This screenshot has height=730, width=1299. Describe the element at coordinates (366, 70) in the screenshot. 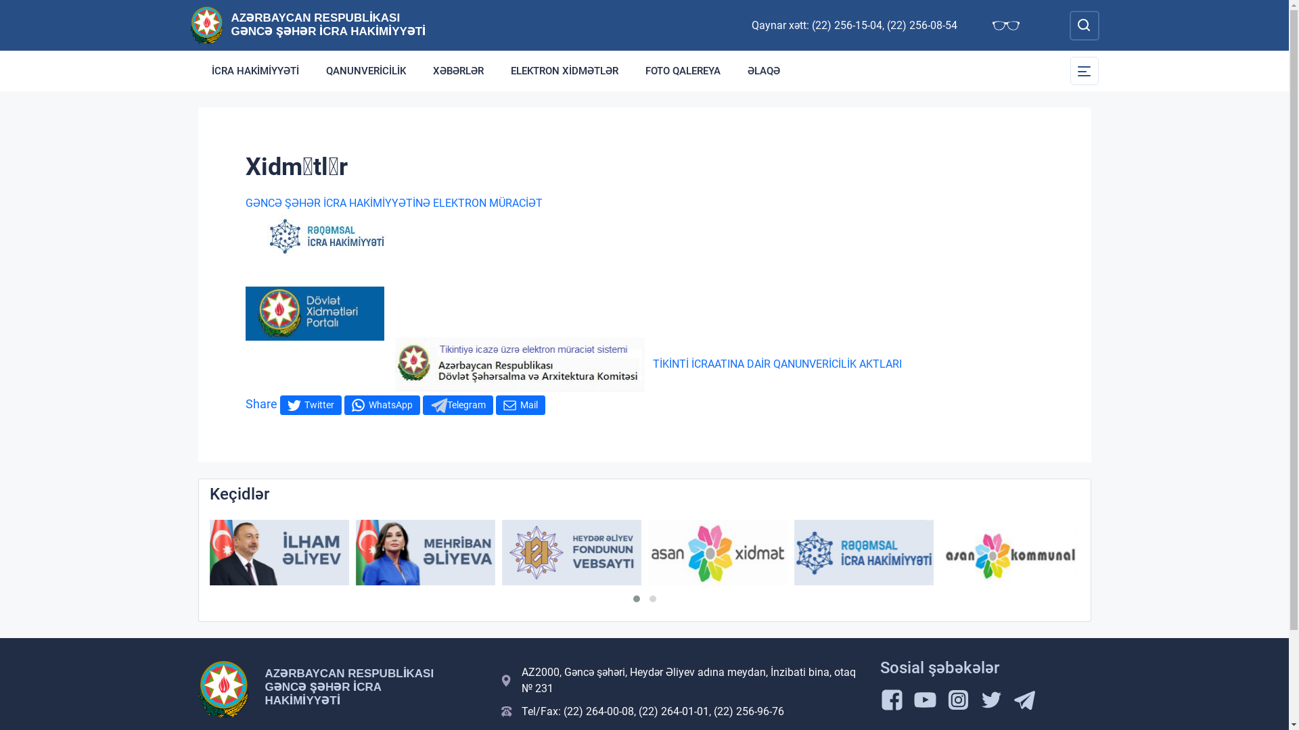

I see `'QANUNVERICILIK'` at that location.